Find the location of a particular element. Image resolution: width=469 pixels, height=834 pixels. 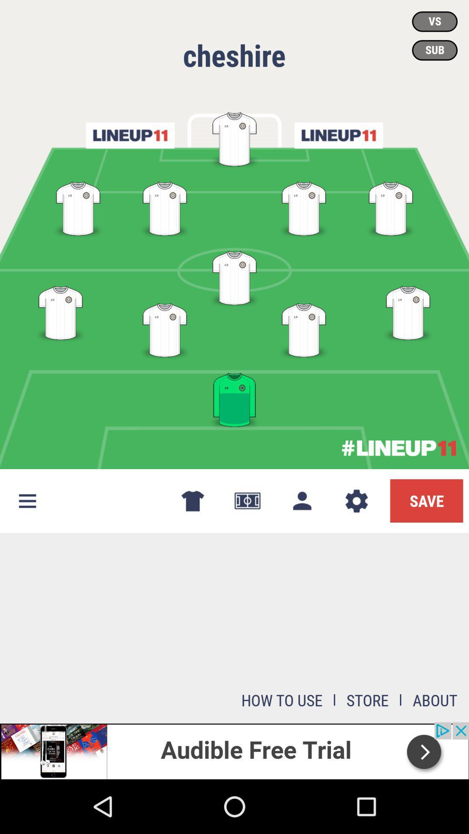

the image which is in green color at the bottom of the page is located at coordinates (234, 396).